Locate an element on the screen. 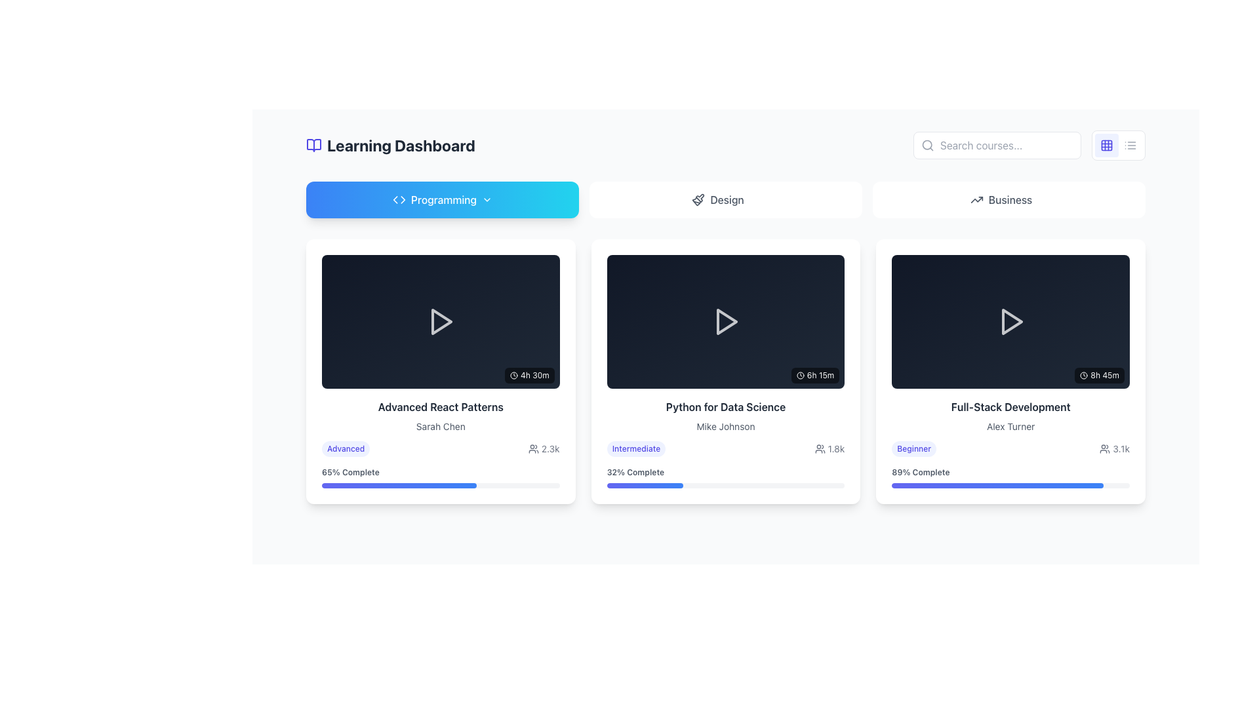  the SVG graphic of a paintbrush icon, which is the leftmost icon in the 'Design' group, positioned next to the 'Design' label is located at coordinates (698, 199).